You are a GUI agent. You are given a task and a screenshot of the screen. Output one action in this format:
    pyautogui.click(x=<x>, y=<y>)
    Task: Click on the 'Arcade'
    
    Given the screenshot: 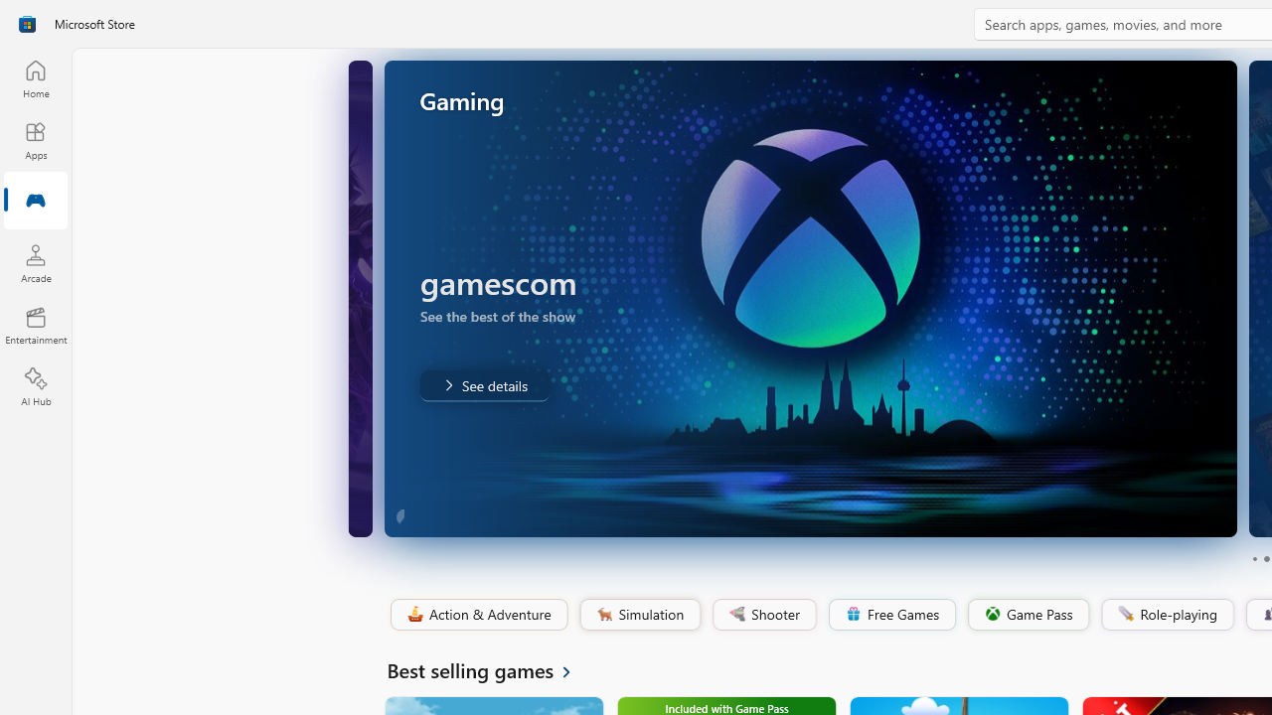 What is the action you would take?
    pyautogui.click(x=35, y=262)
    